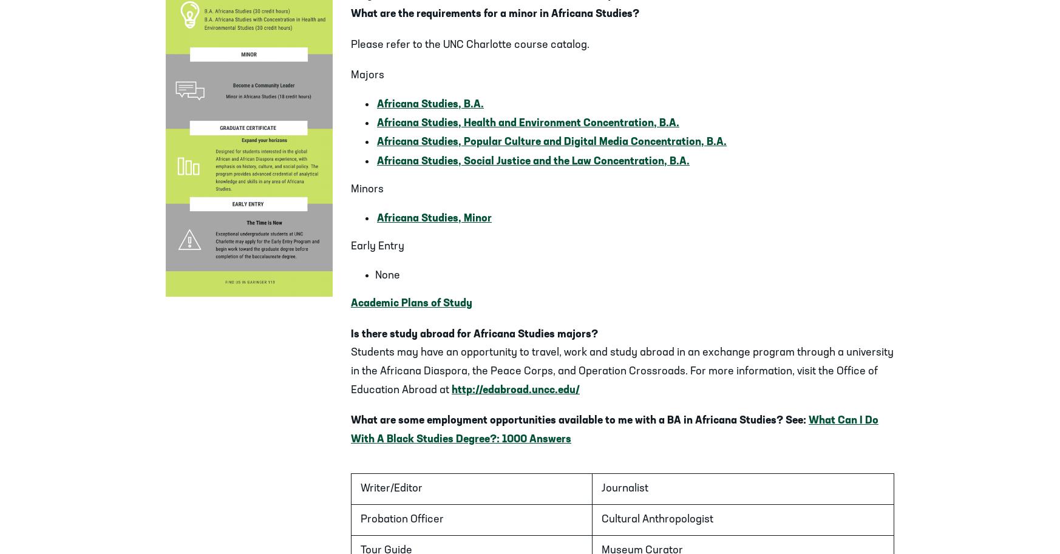  What do you see at coordinates (433, 218) in the screenshot?
I see `'Africana Studies, Minor'` at bounding box center [433, 218].